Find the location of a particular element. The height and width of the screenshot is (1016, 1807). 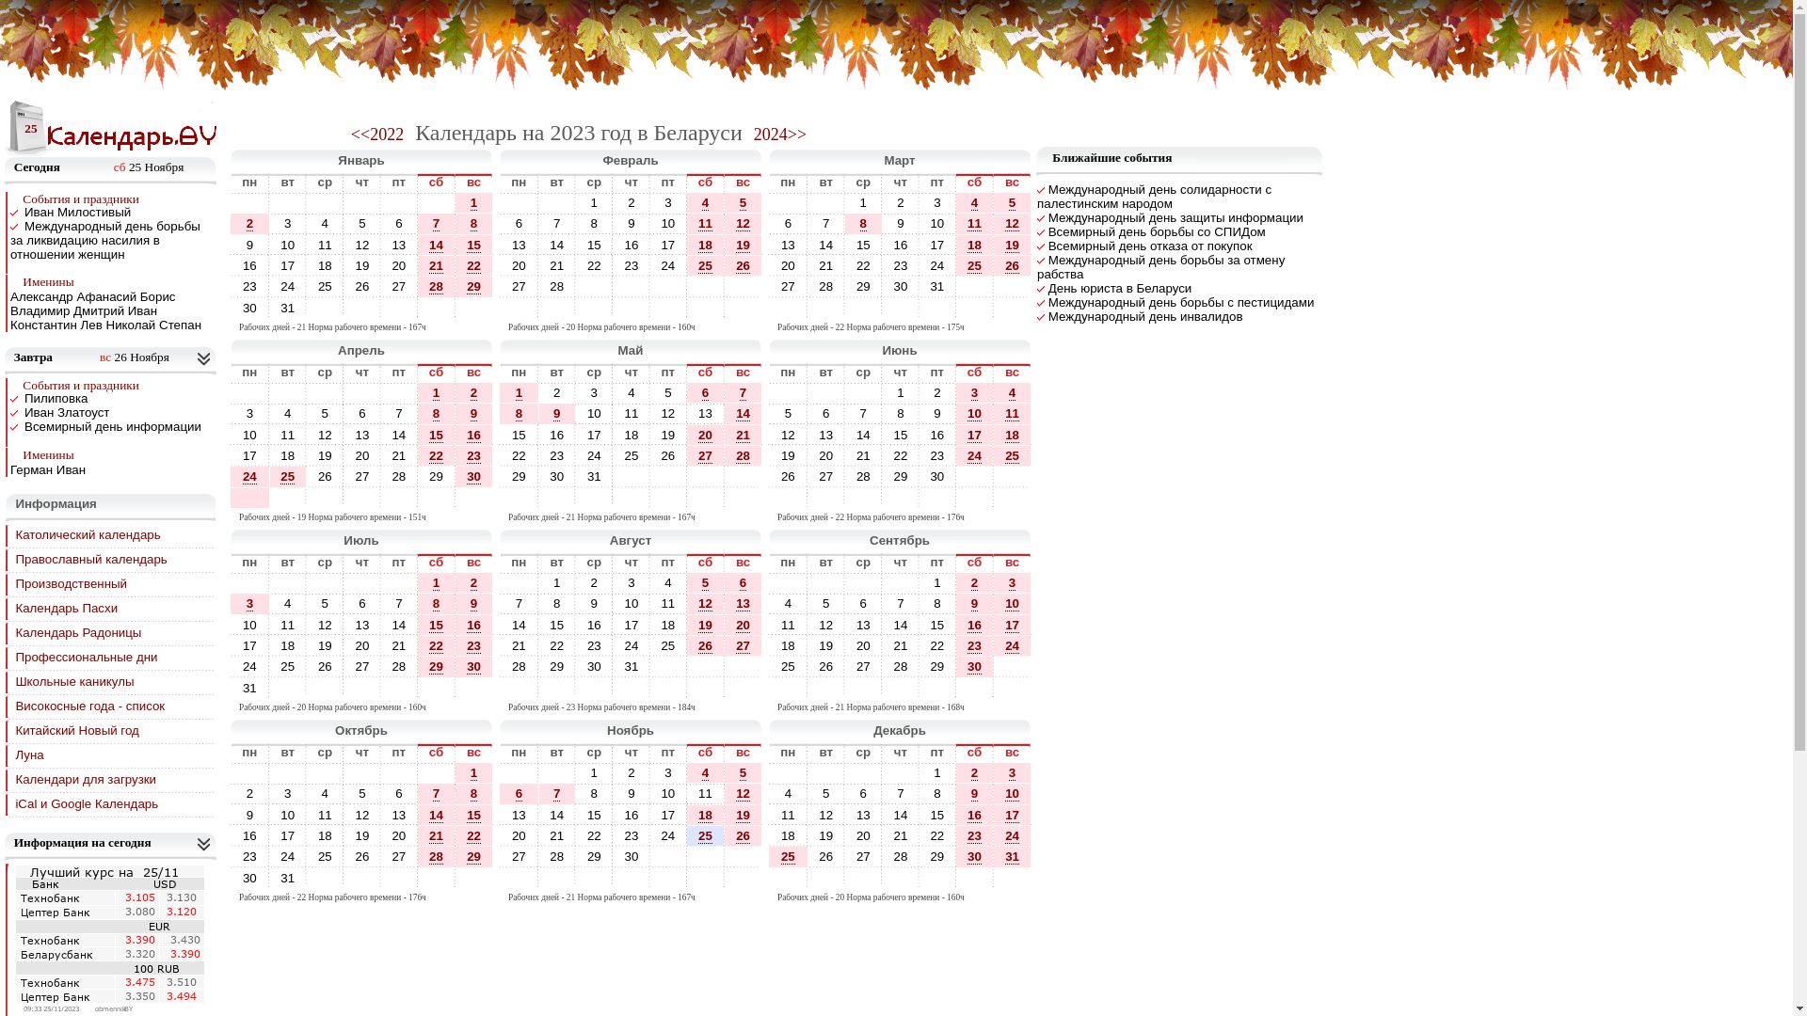

'28' is located at coordinates (555, 286).